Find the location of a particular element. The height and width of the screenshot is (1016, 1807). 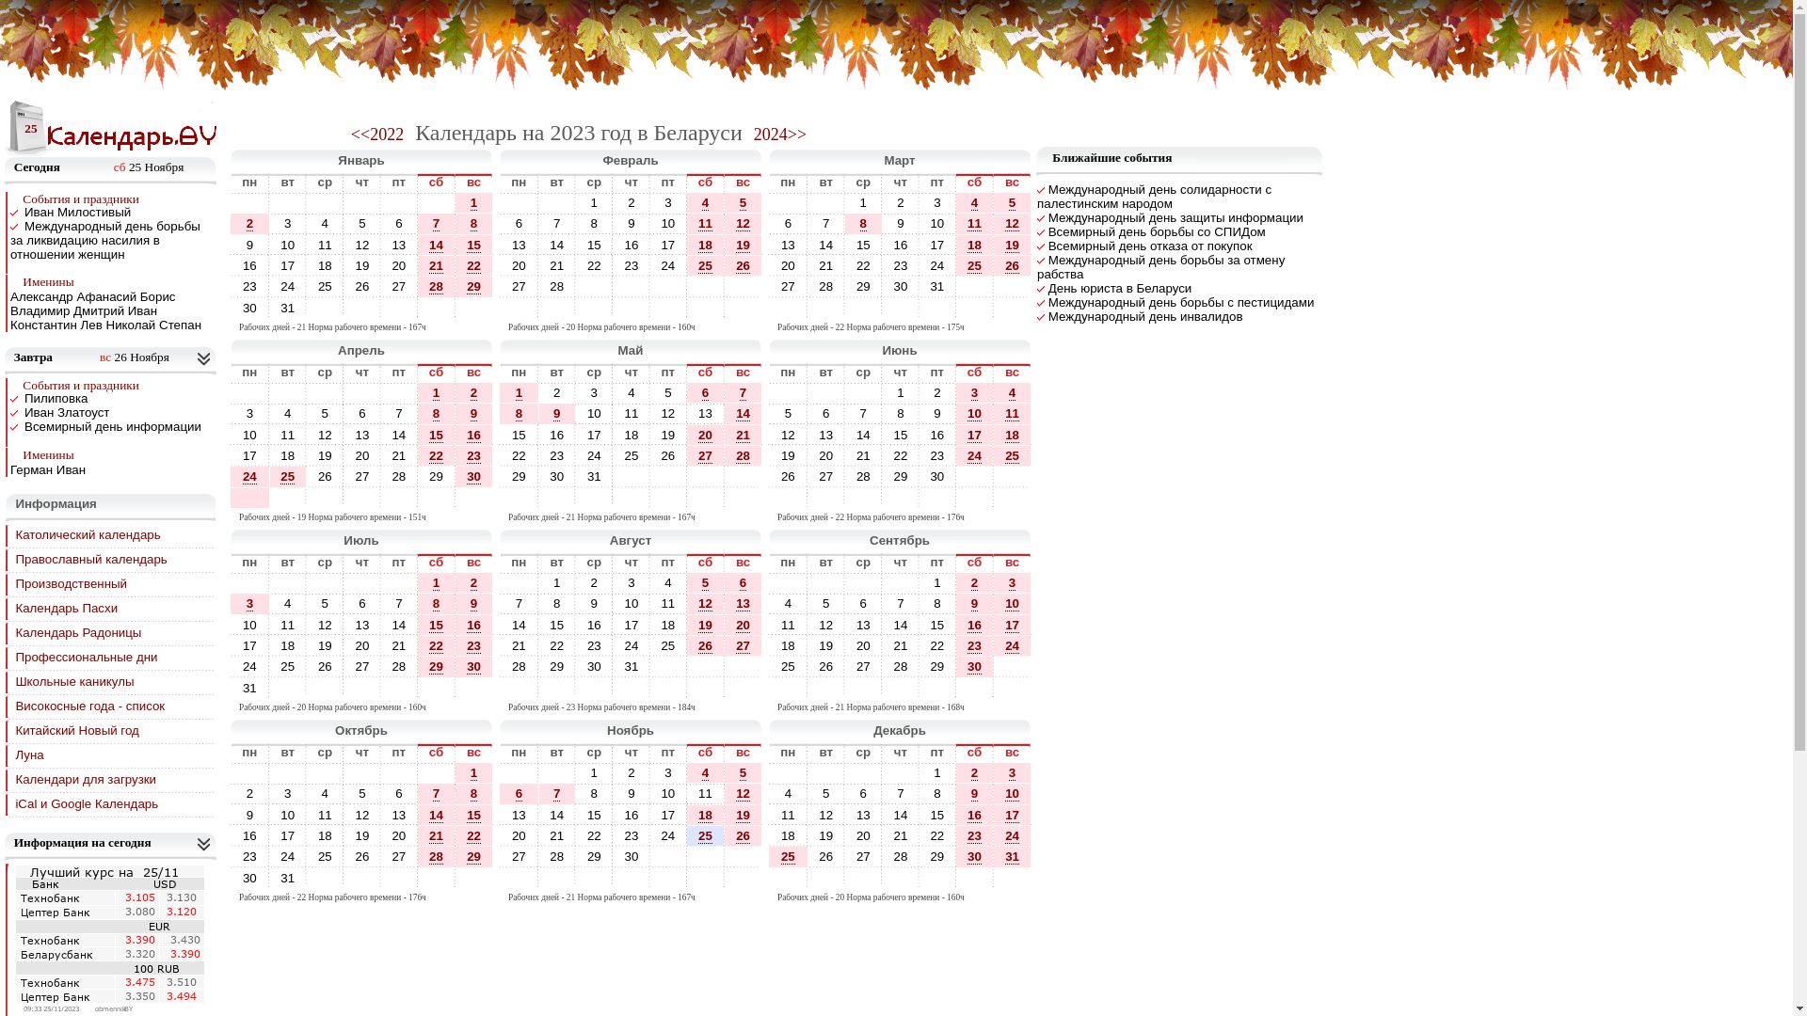

'28' is located at coordinates (555, 286).